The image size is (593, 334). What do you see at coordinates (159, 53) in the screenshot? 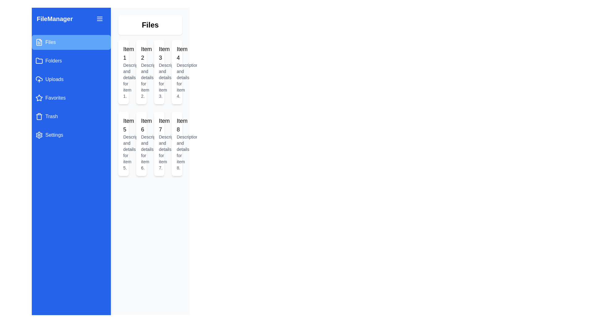
I see `text label 'Item 3' located prominently at the top of the second column card in the grid layout` at bounding box center [159, 53].